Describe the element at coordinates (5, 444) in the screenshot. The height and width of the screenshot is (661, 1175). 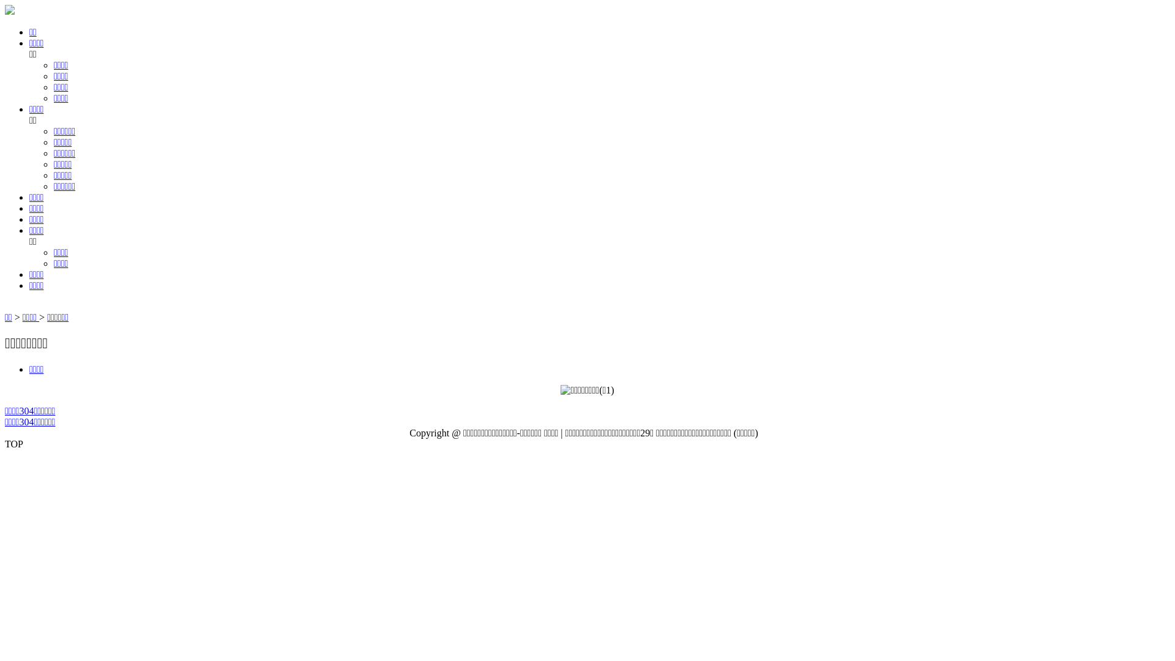
I see `'TOP'` at that location.